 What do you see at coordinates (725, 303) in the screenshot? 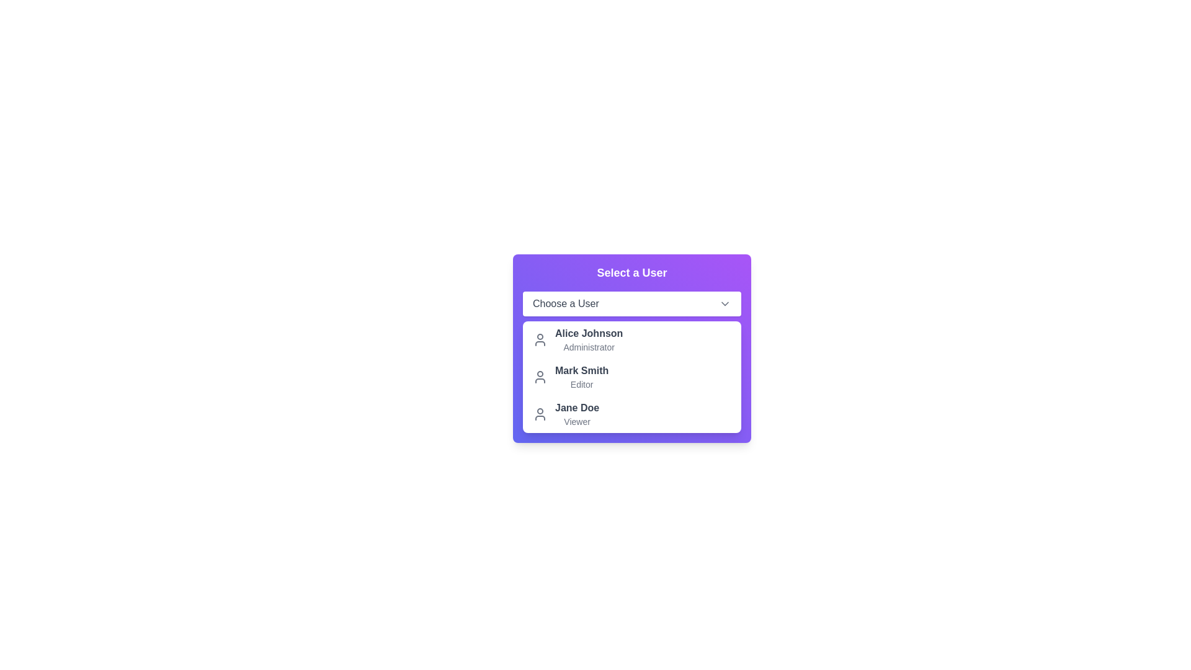
I see `the Dropdown icon located at the far right inside the 'Choose a User' dropdown component` at bounding box center [725, 303].